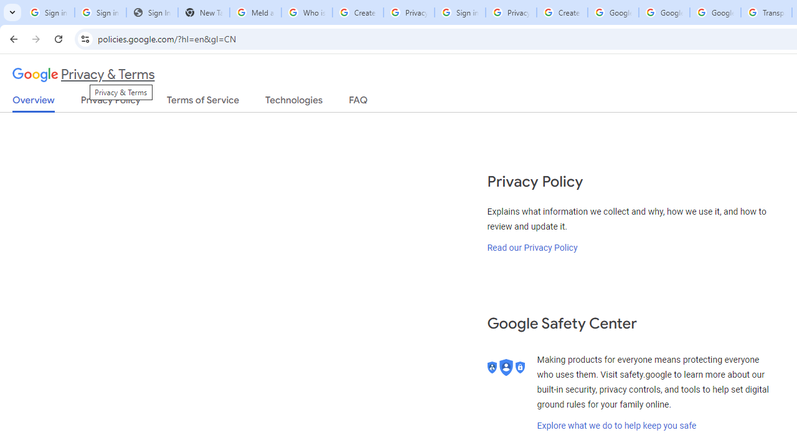  I want to click on 'Sign In - USA TODAY', so click(151, 12).